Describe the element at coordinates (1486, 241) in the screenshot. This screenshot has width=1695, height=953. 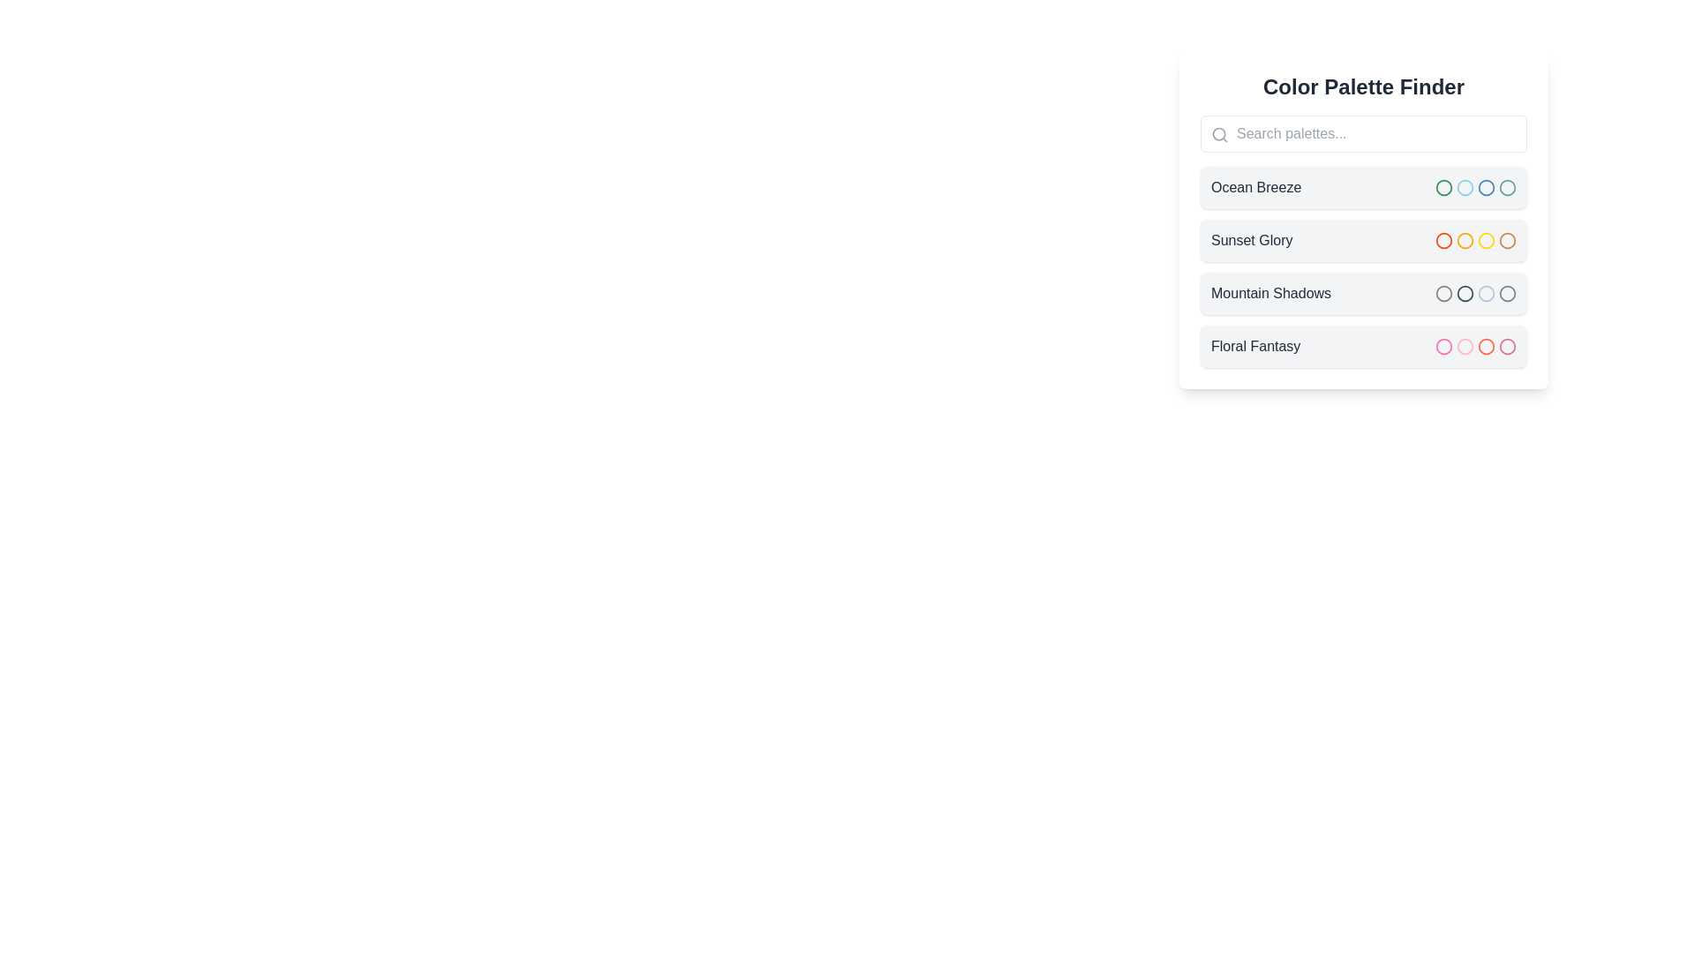
I see `the third circle in the row of circular icons within the 'Sunset Glory' color palette` at that location.